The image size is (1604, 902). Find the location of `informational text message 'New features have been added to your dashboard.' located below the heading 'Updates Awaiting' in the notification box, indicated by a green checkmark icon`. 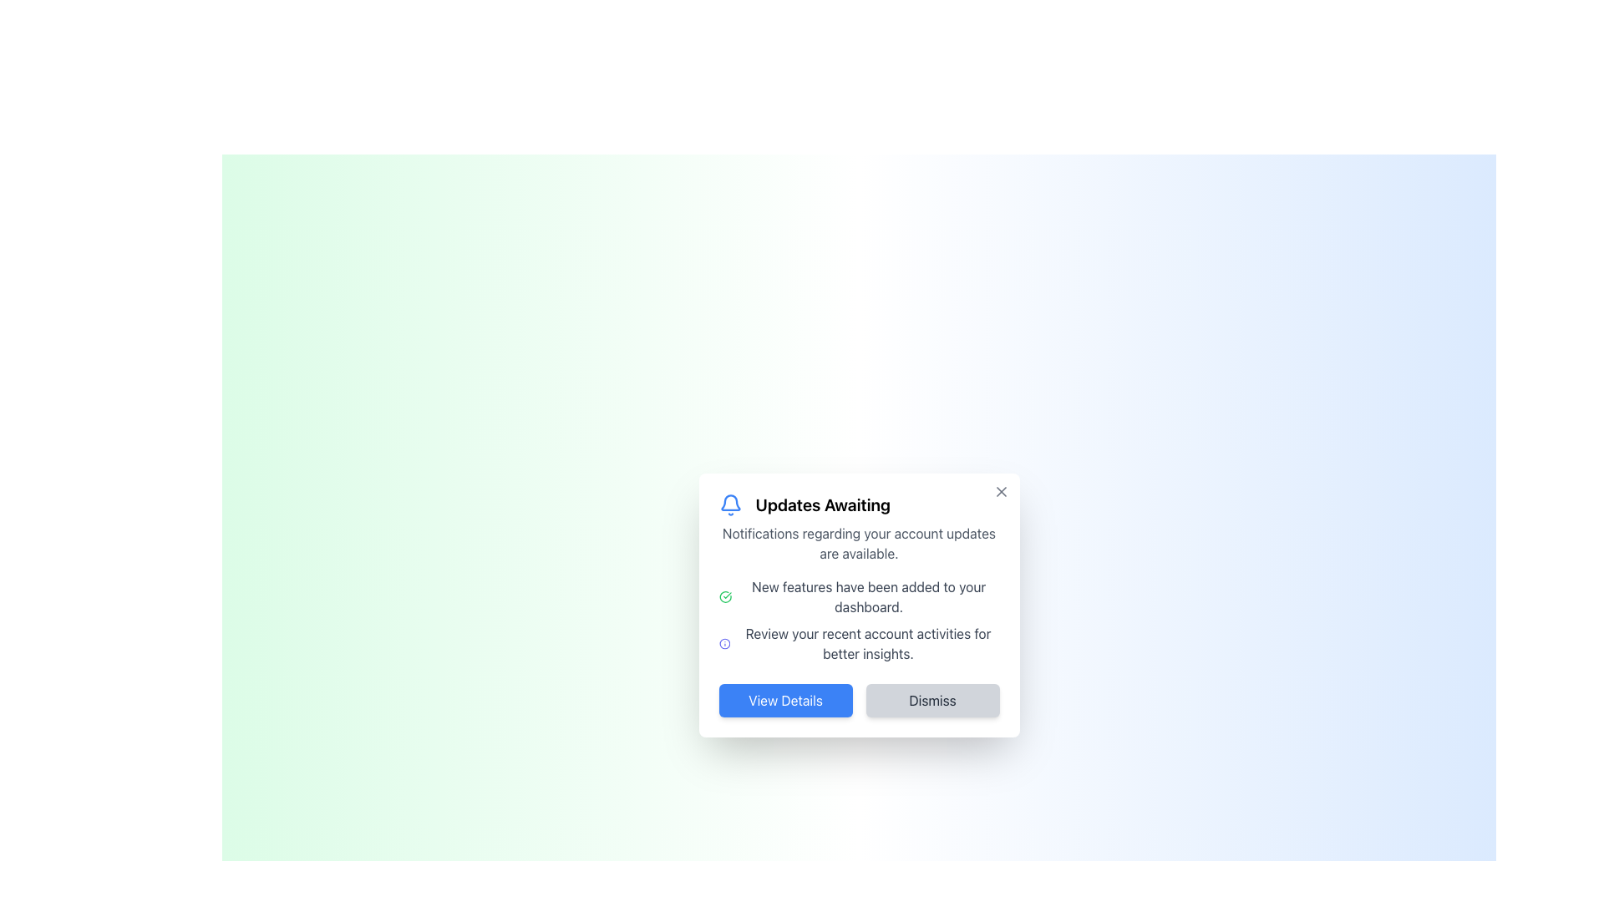

informational text message 'New features have been added to your dashboard.' located below the heading 'Updates Awaiting' in the notification box, indicated by a green checkmark icon is located at coordinates (859, 595).